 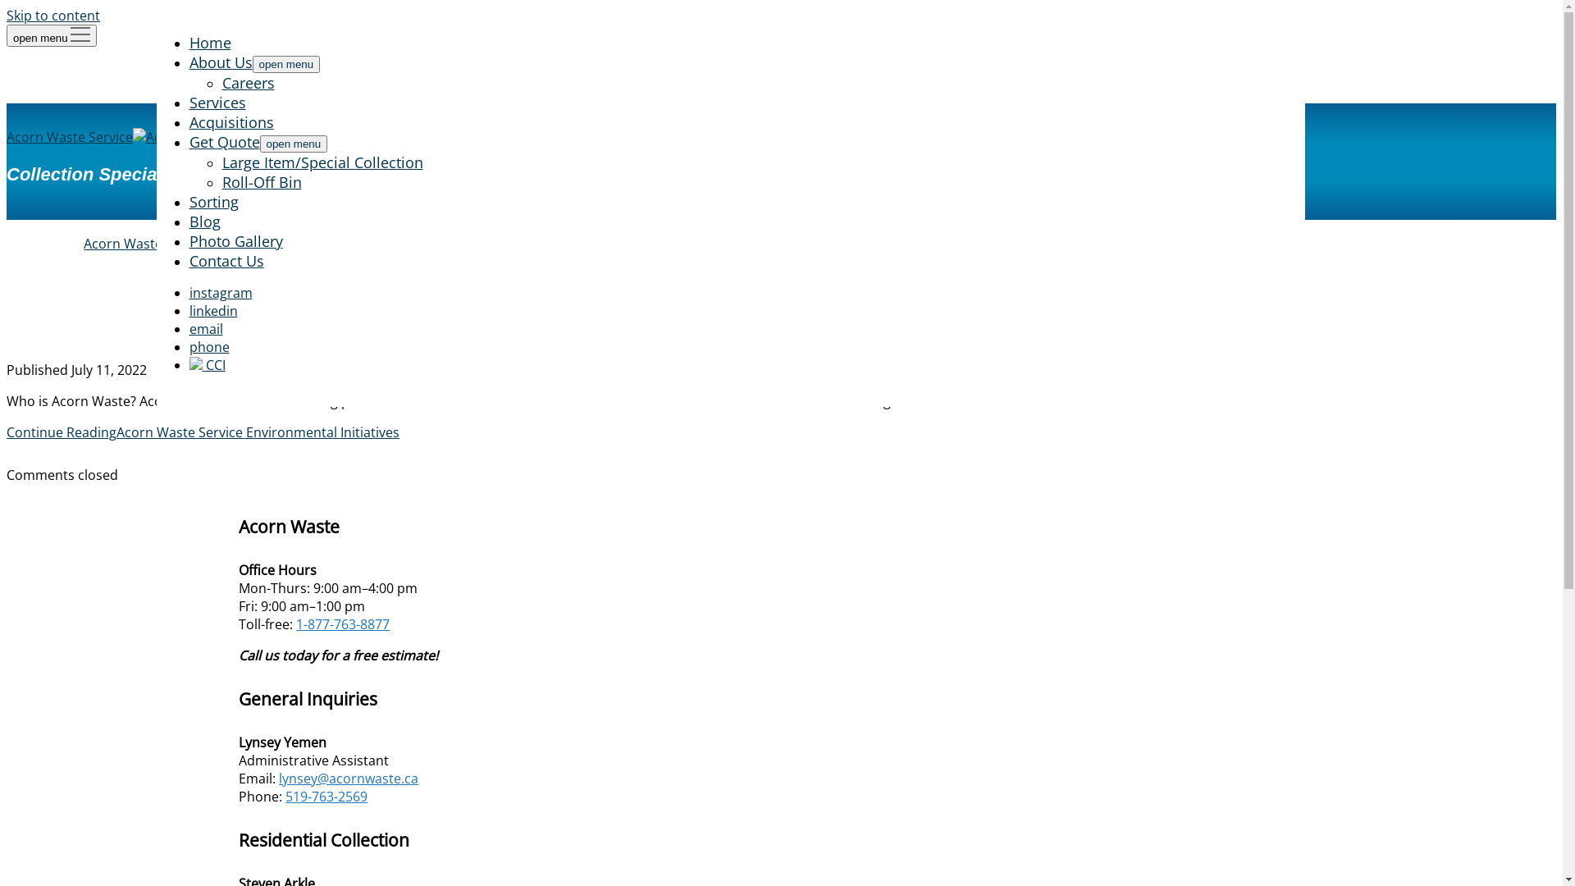 I want to click on 'Large Item/Special Collection', so click(x=322, y=162).